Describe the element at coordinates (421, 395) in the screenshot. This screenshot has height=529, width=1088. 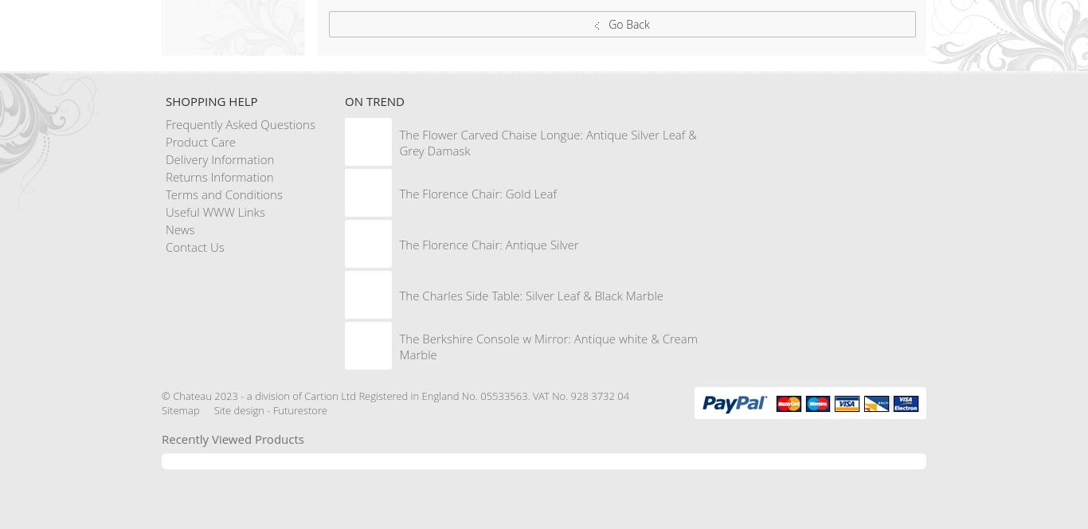
I see `'2023  -  a division of Cartion Ltd Registered in England No. 05533563. VAT No. 928 3732 04'` at that location.